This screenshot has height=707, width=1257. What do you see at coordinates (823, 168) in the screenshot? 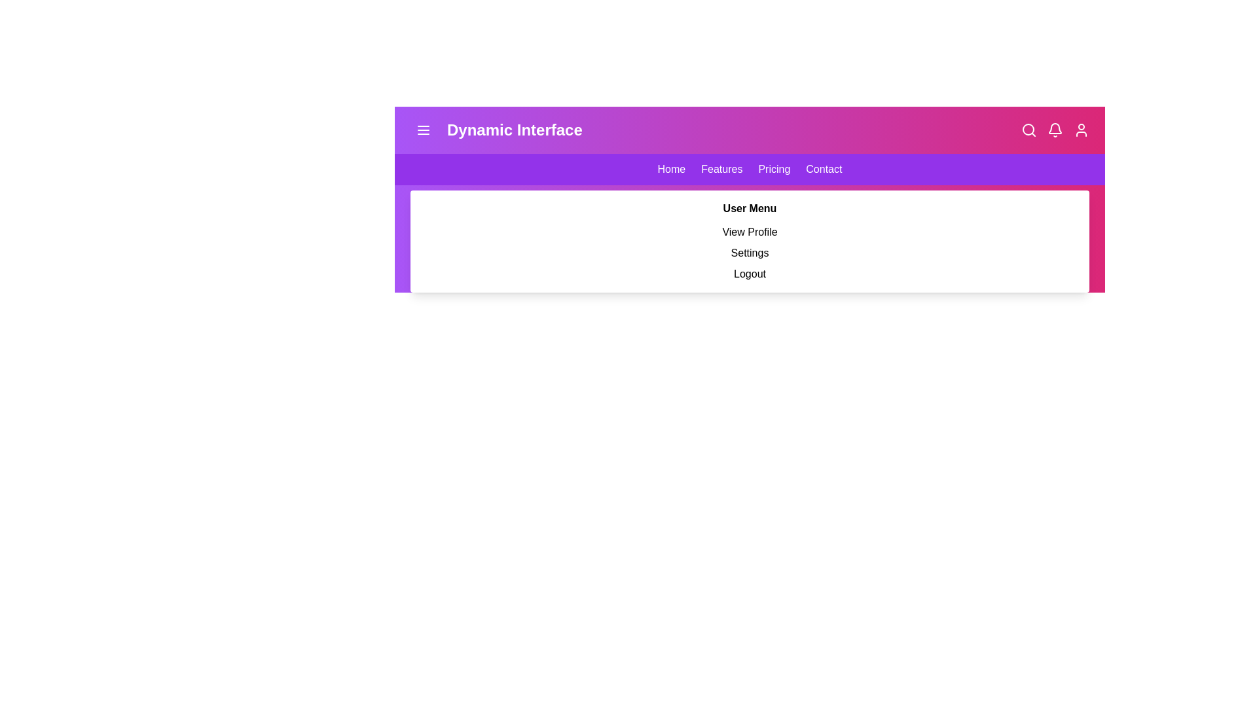
I see `the navigation link Contact` at bounding box center [823, 168].